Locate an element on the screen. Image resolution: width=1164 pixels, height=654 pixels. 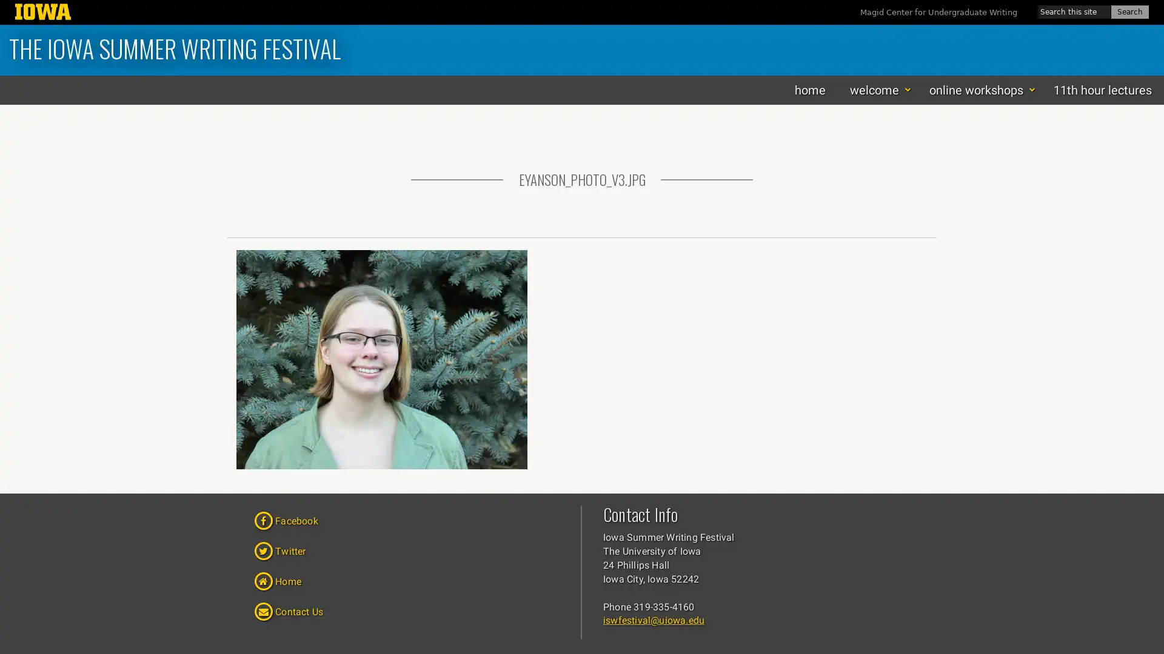
Search is located at coordinates (1129, 12).